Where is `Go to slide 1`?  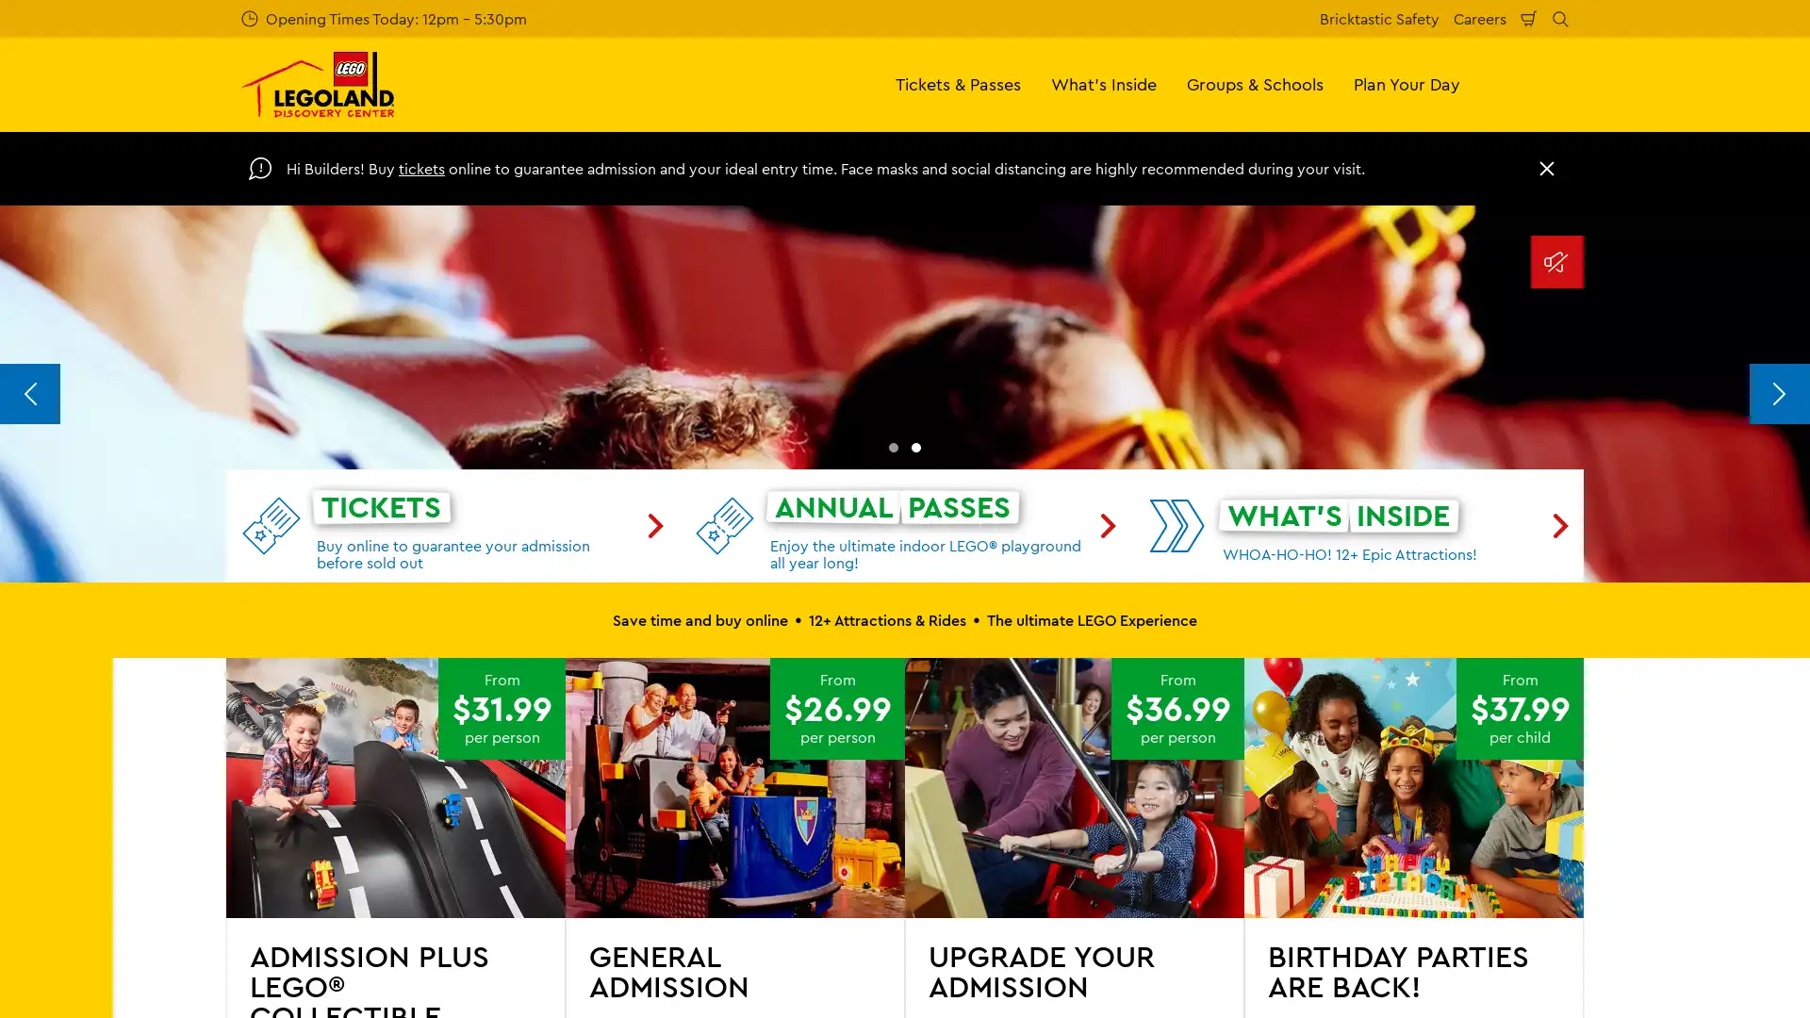
Go to slide 1 is located at coordinates (893, 803).